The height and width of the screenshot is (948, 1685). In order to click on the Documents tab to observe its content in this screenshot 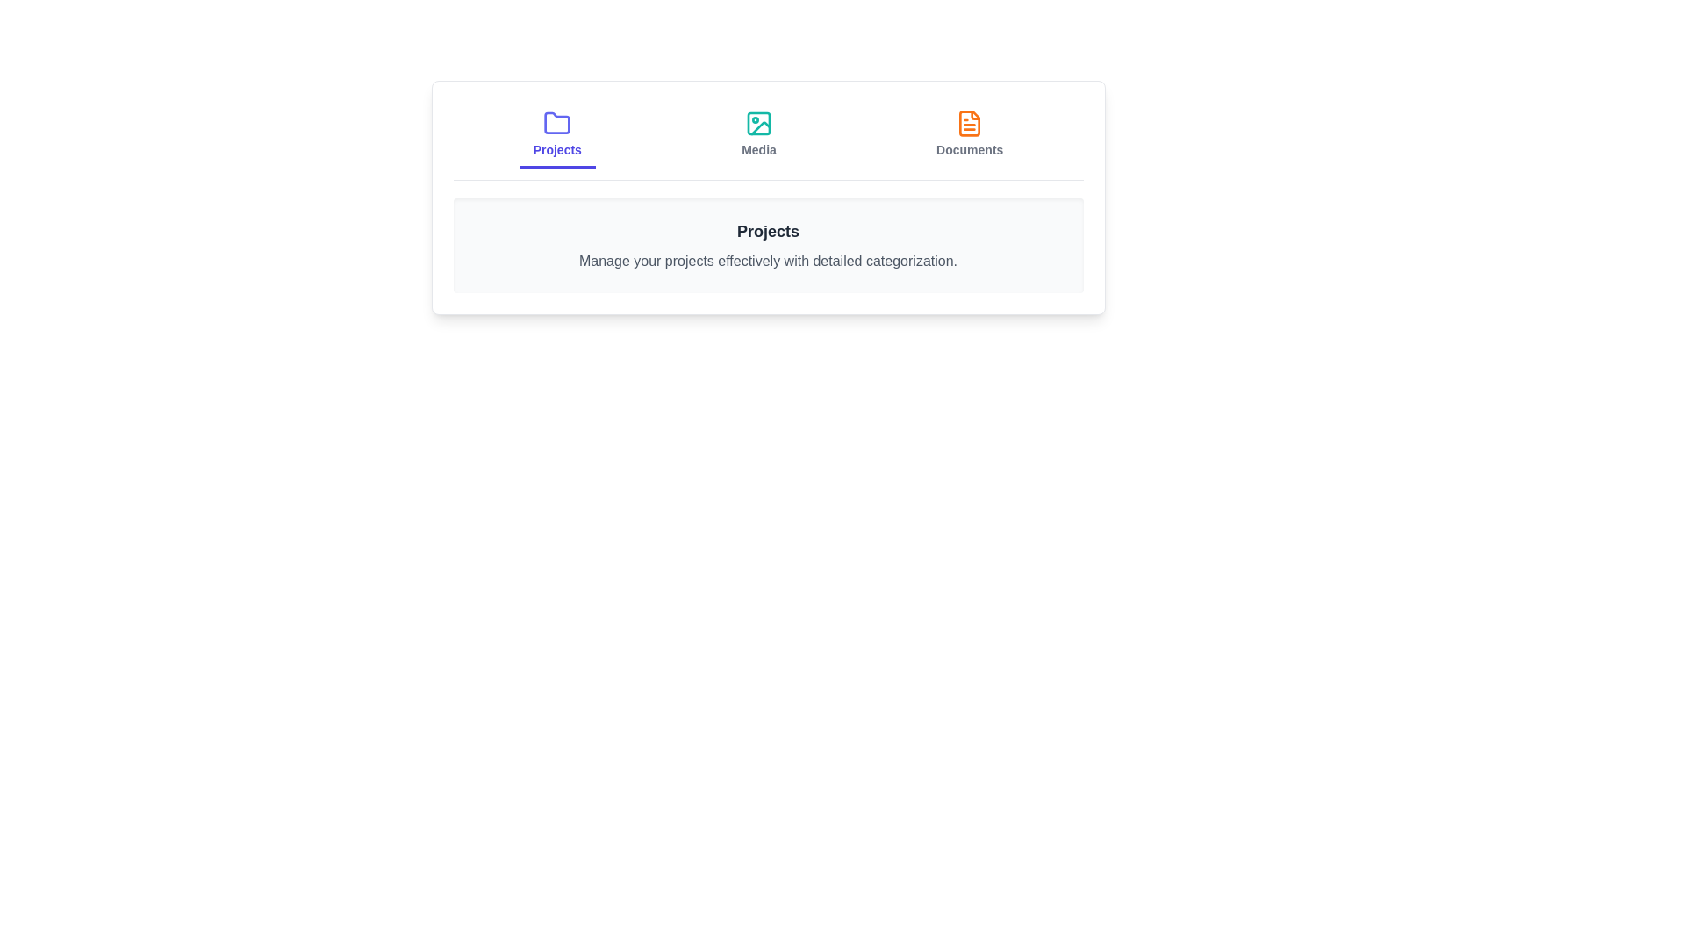, I will do `click(969, 134)`.